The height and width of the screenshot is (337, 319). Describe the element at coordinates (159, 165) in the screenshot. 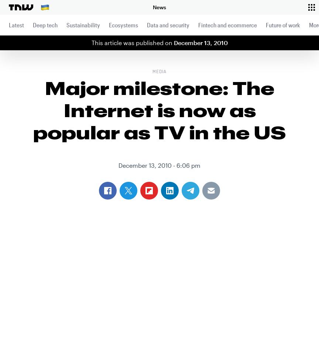

I see `'December 13, 2010 - 6:06 pm'` at that location.